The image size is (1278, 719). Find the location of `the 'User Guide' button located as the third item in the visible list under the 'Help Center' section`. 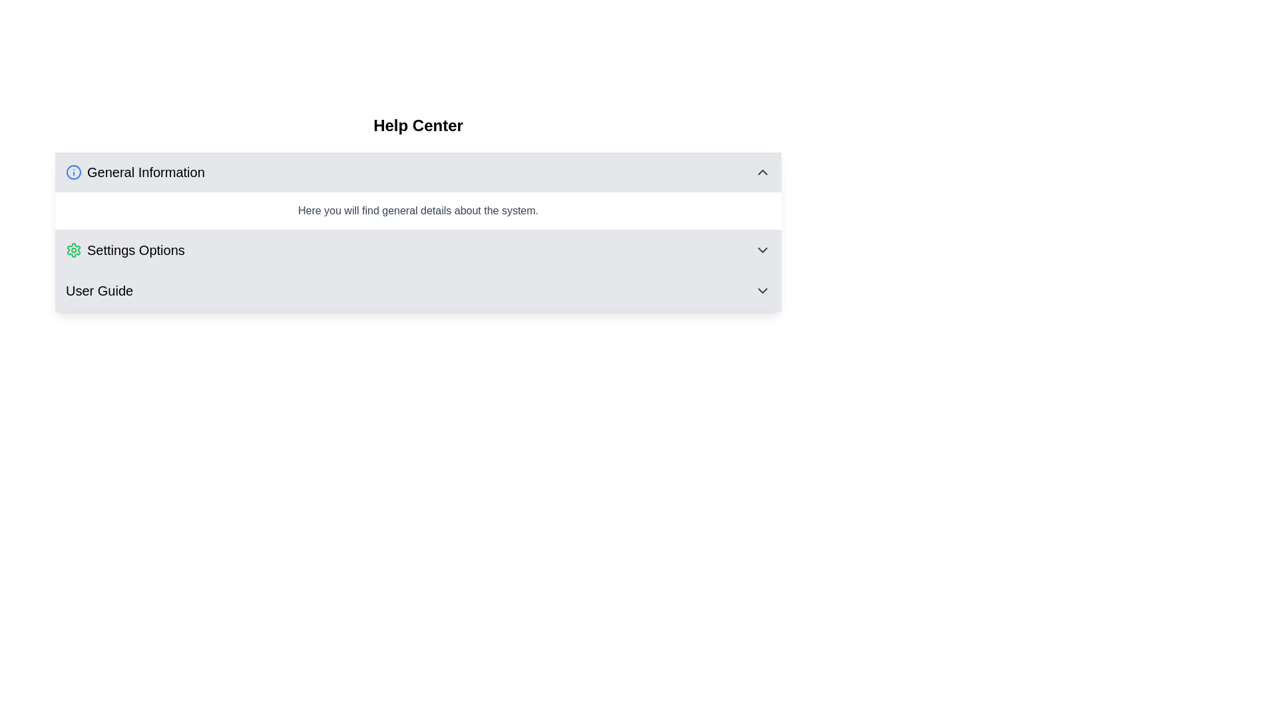

the 'User Guide' button located as the third item in the visible list under the 'Help Center' section is located at coordinates (417, 290).